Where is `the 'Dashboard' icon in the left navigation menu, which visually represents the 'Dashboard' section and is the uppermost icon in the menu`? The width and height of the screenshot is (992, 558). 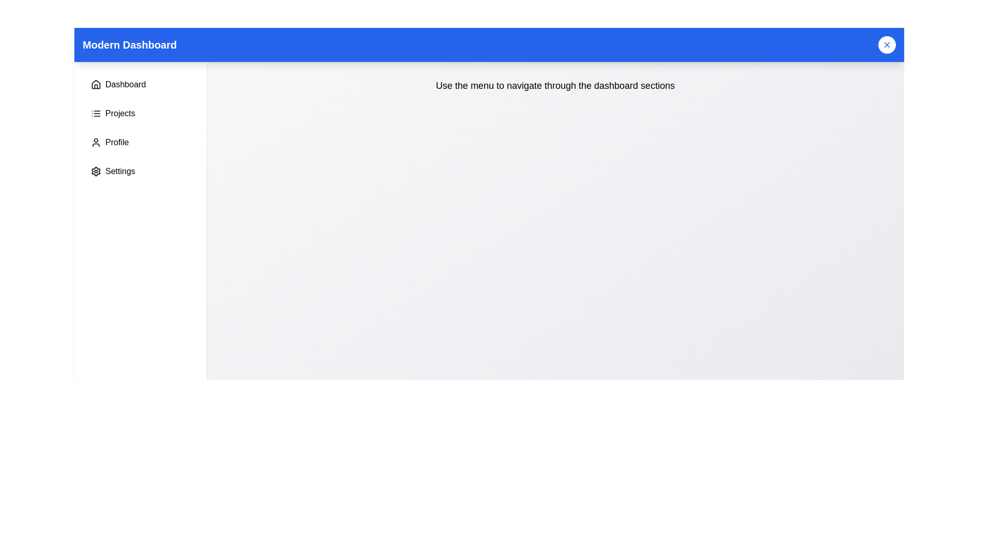 the 'Dashboard' icon in the left navigation menu, which visually represents the 'Dashboard' section and is the uppermost icon in the menu is located at coordinates (96, 83).